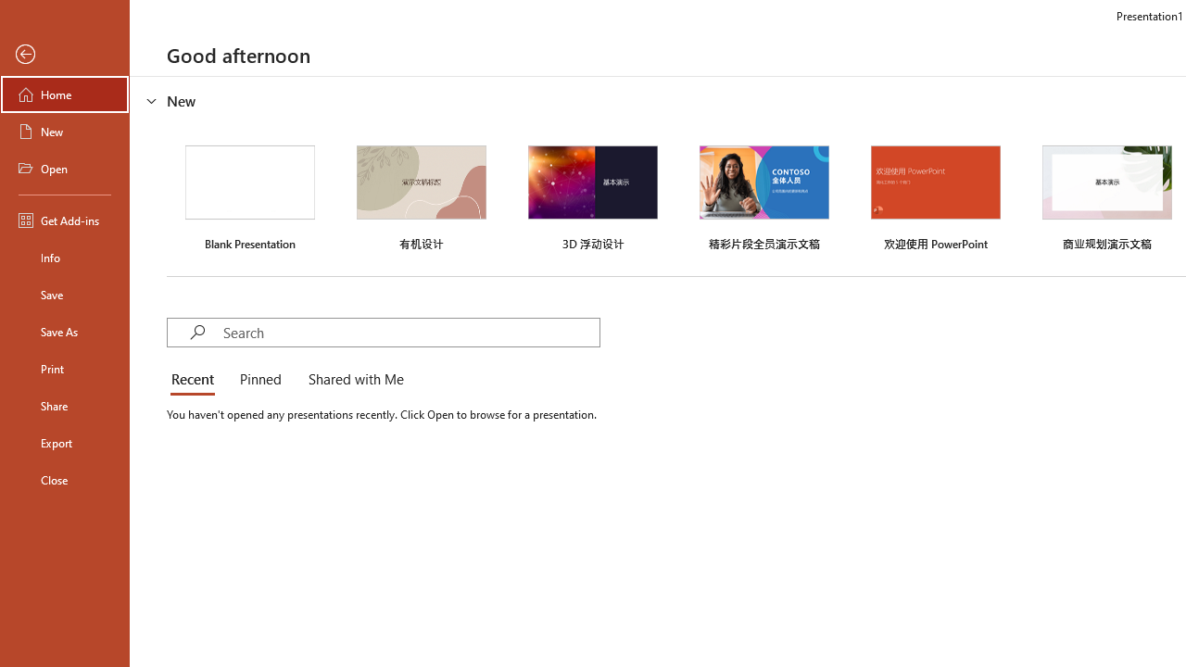 This screenshot has height=667, width=1186. I want to click on 'Shared with Me', so click(352, 380).